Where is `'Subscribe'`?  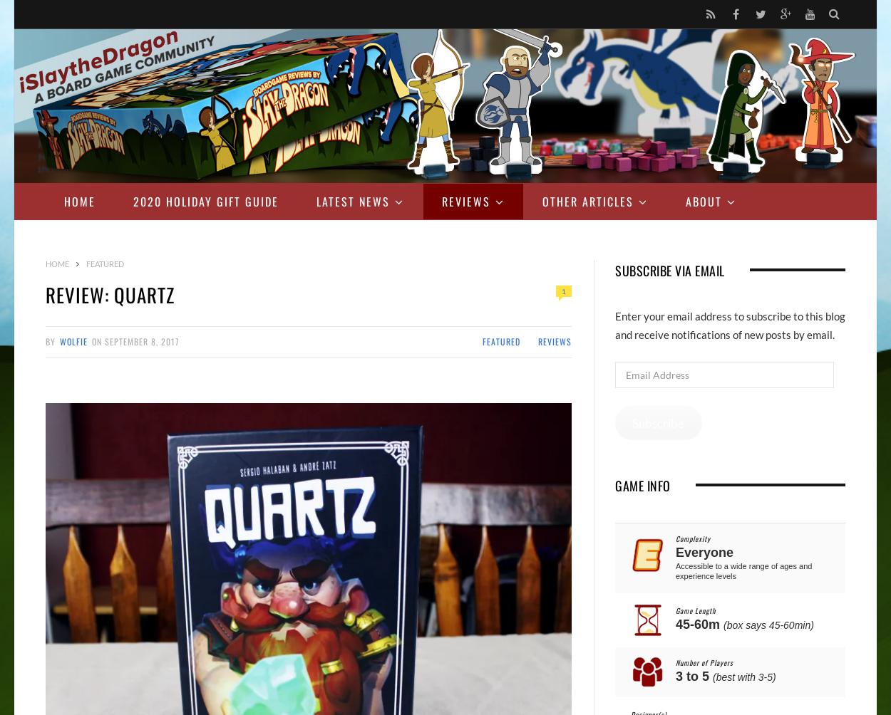
'Subscribe' is located at coordinates (658, 422).